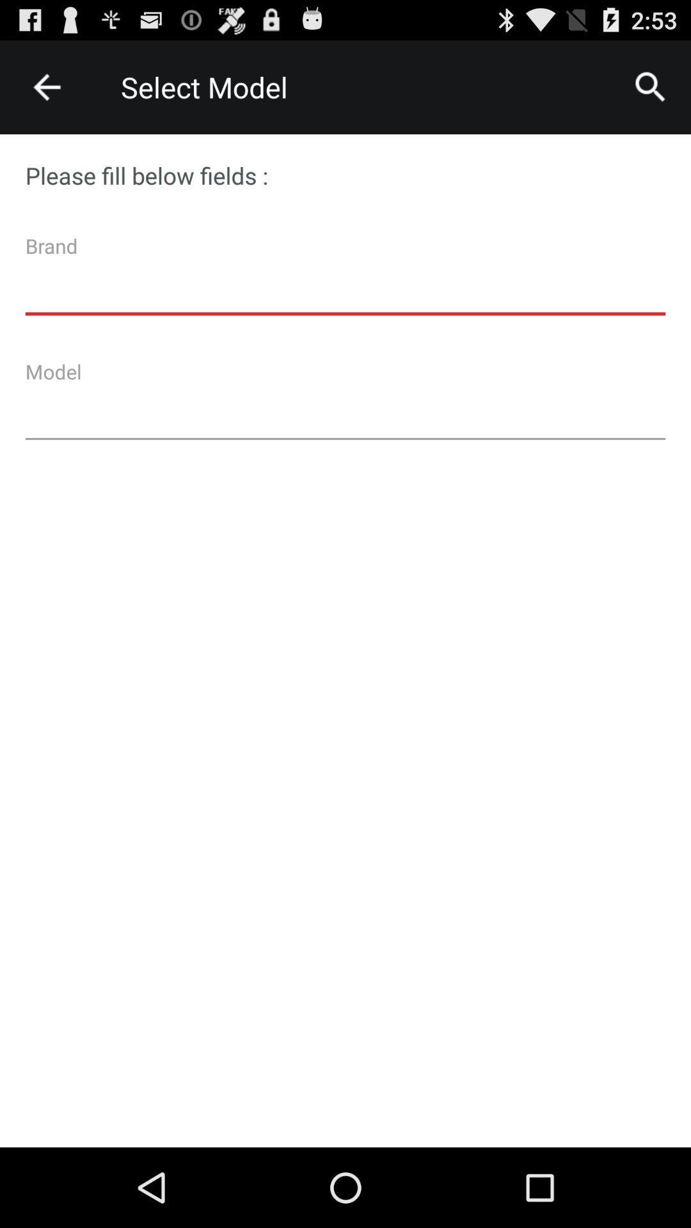 This screenshot has height=1228, width=691. I want to click on the icon above the please fill below, so click(46, 86).